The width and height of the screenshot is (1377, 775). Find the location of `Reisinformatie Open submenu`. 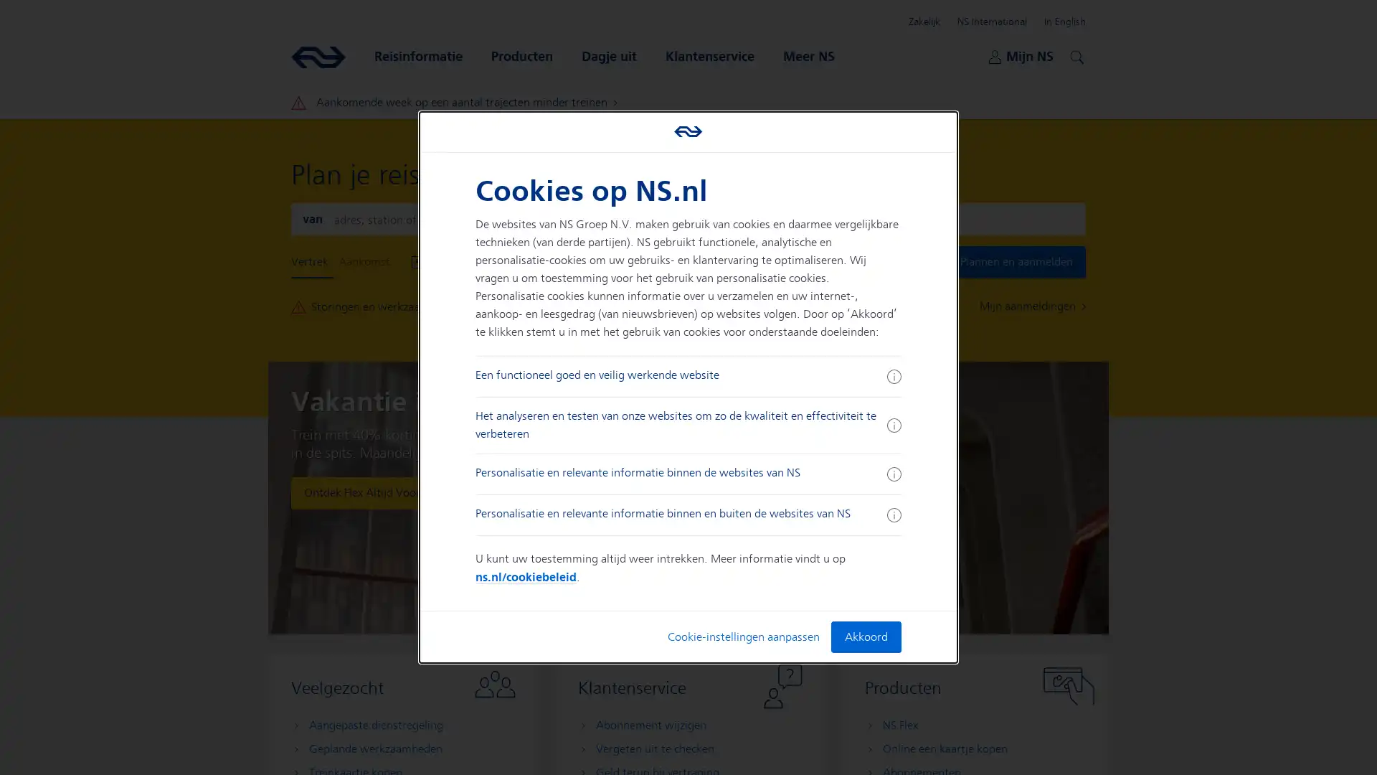

Reisinformatie Open submenu is located at coordinates (417, 55).